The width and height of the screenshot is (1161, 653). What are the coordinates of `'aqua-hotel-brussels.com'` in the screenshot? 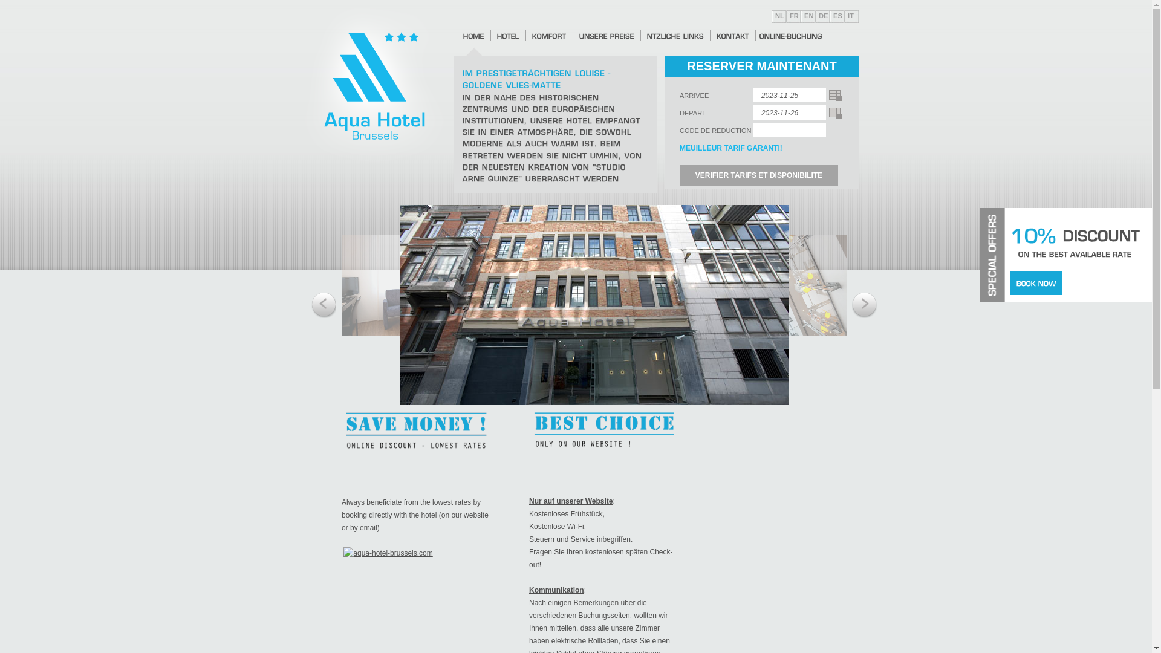 It's located at (388, 553).